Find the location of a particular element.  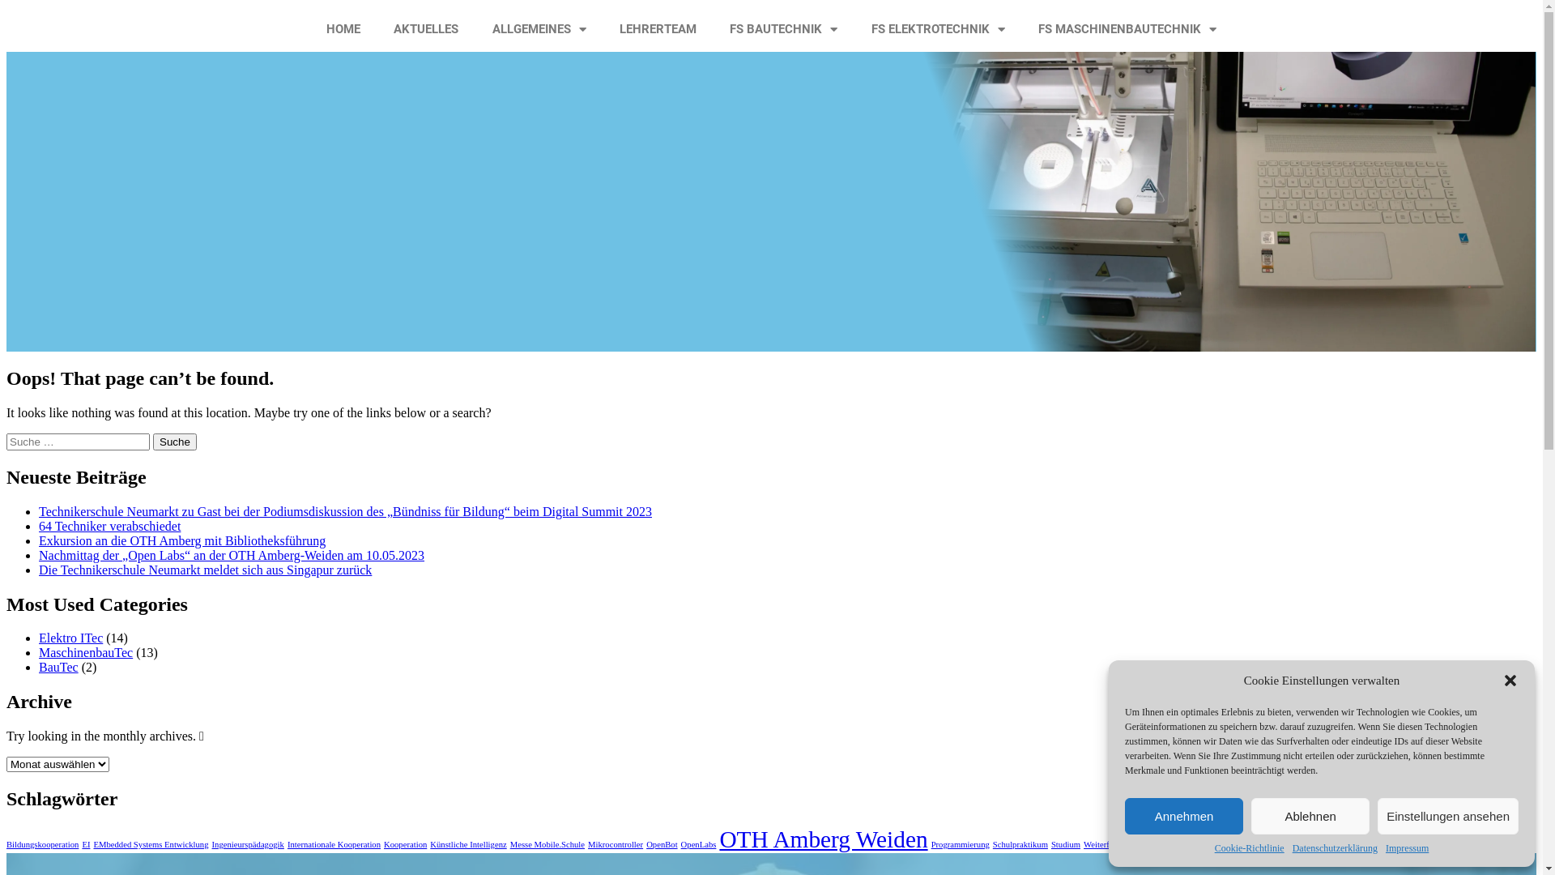

'Kooperation' is located at coordinates (405, 843).